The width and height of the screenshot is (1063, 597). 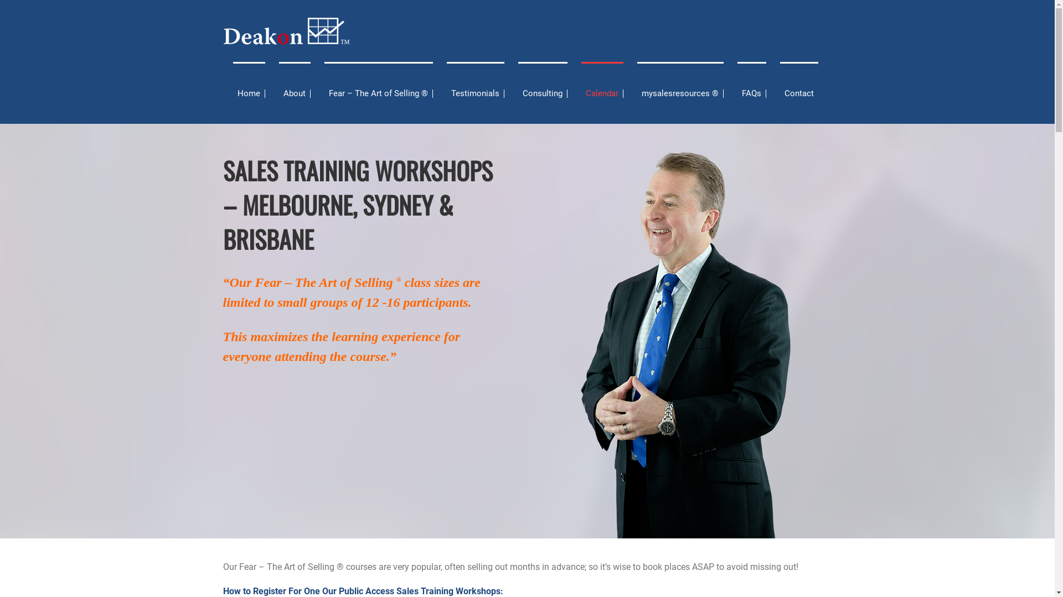 I want to click on 'FAQs', so click(x=752, y=92).